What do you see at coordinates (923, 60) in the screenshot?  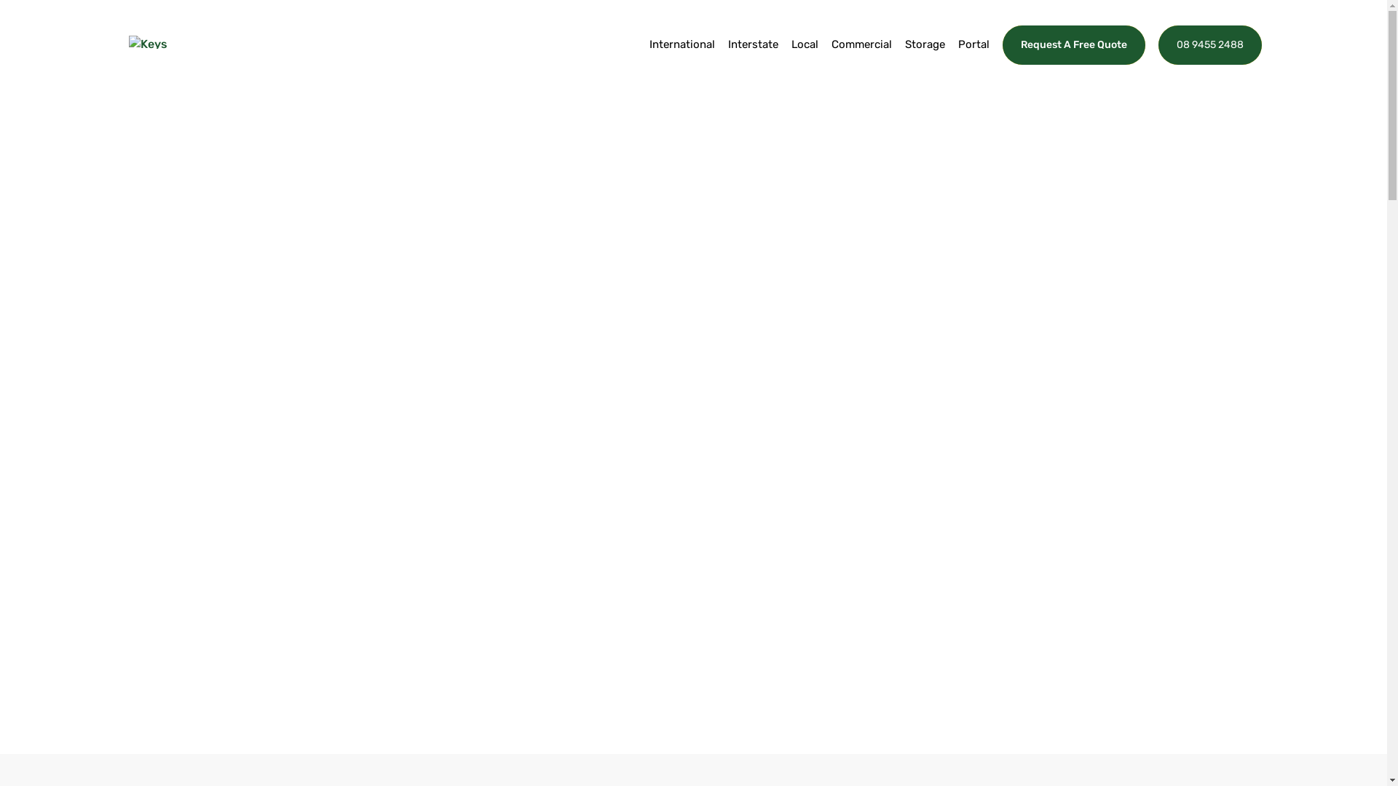 I see `'Storage'` at bounding box center [923, 60].